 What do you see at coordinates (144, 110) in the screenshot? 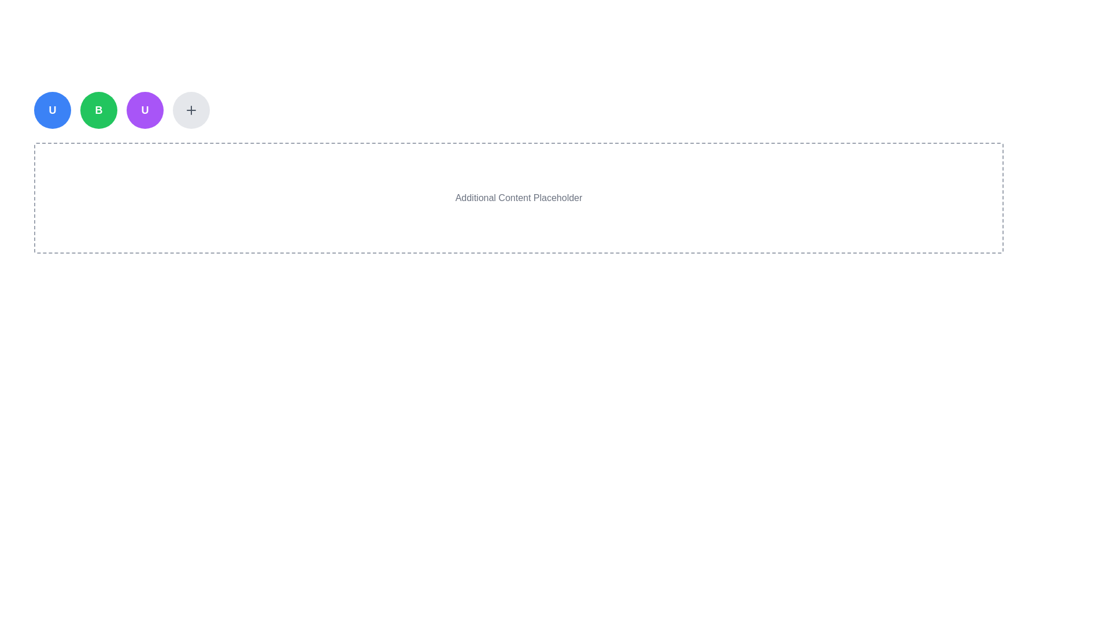
I see `the purple 'U' button, which is the third in a sequence of circular buttons` at bounding box center [144, 110].